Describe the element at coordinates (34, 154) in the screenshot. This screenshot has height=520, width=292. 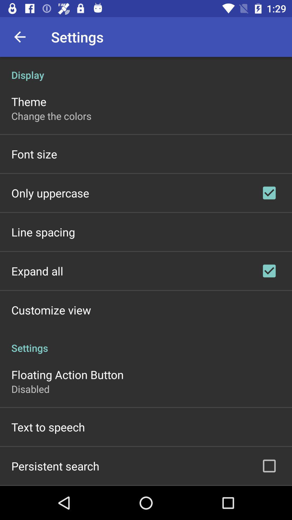
I see `the font size icon` at that location.